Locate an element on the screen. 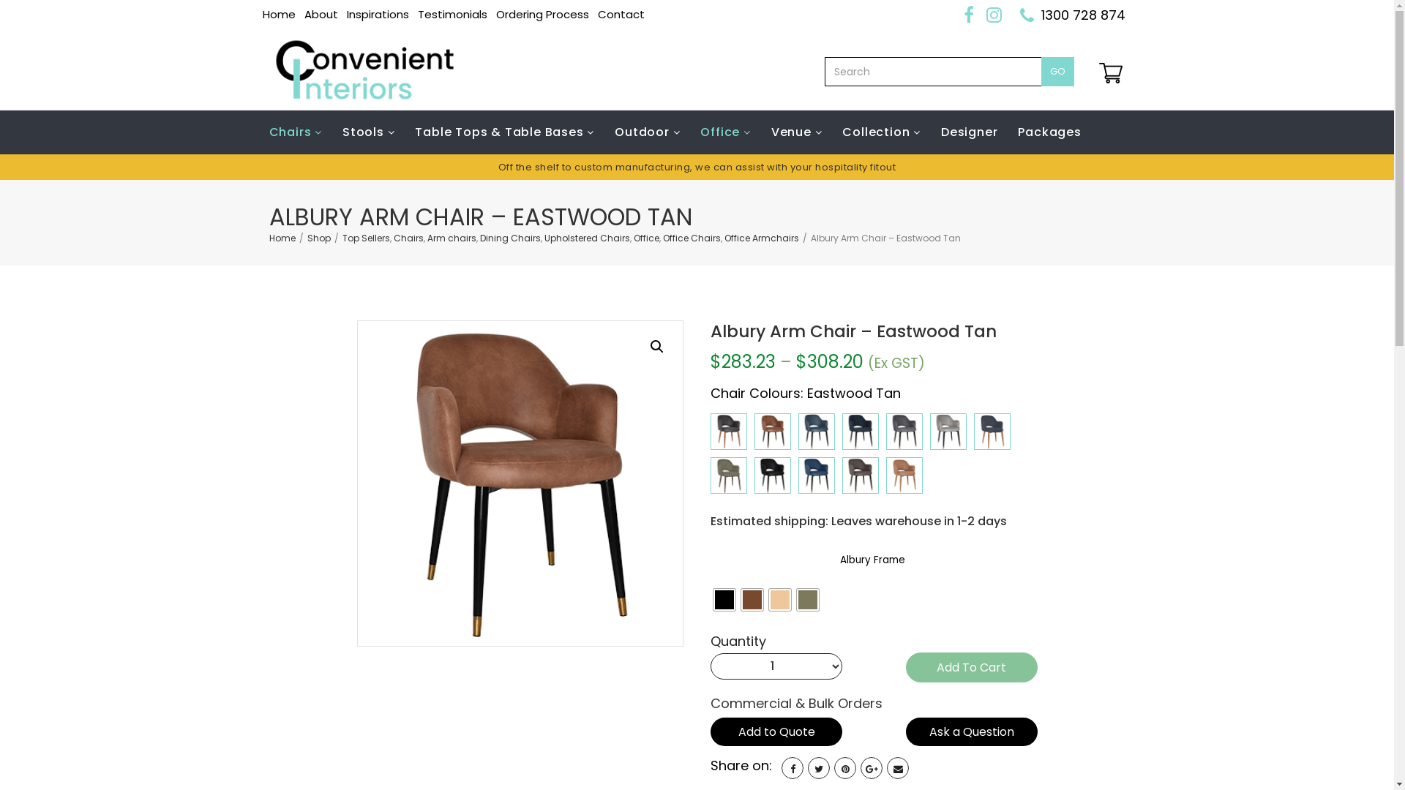 Image resolution: width=1405 pixels, height=790 pixels. 'Designer' is located at coordinates (969, 132).